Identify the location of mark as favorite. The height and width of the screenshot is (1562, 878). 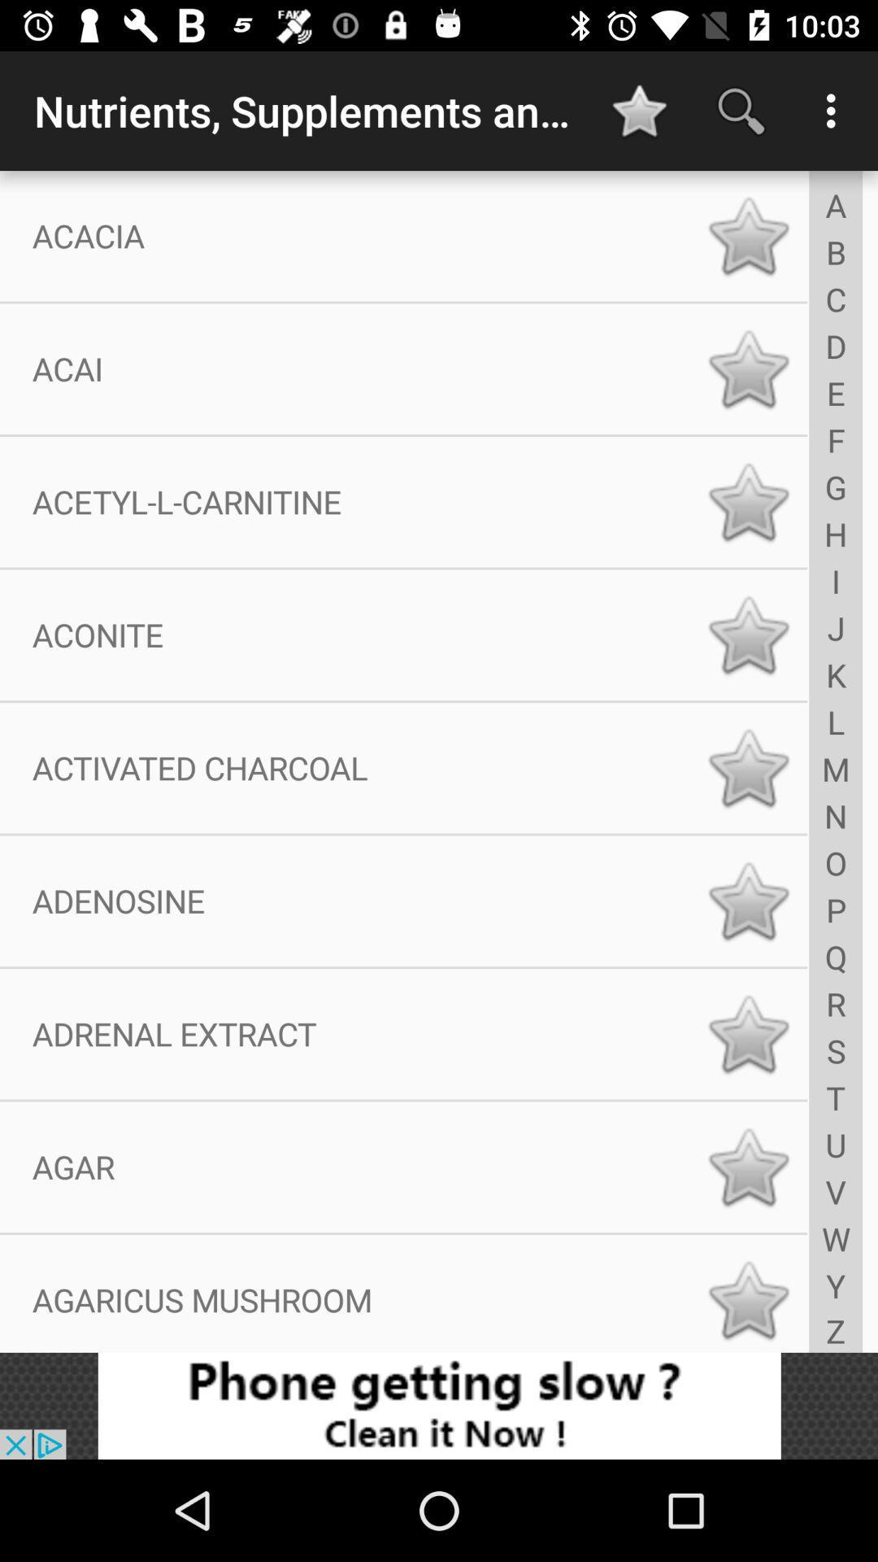
(748, 1299).